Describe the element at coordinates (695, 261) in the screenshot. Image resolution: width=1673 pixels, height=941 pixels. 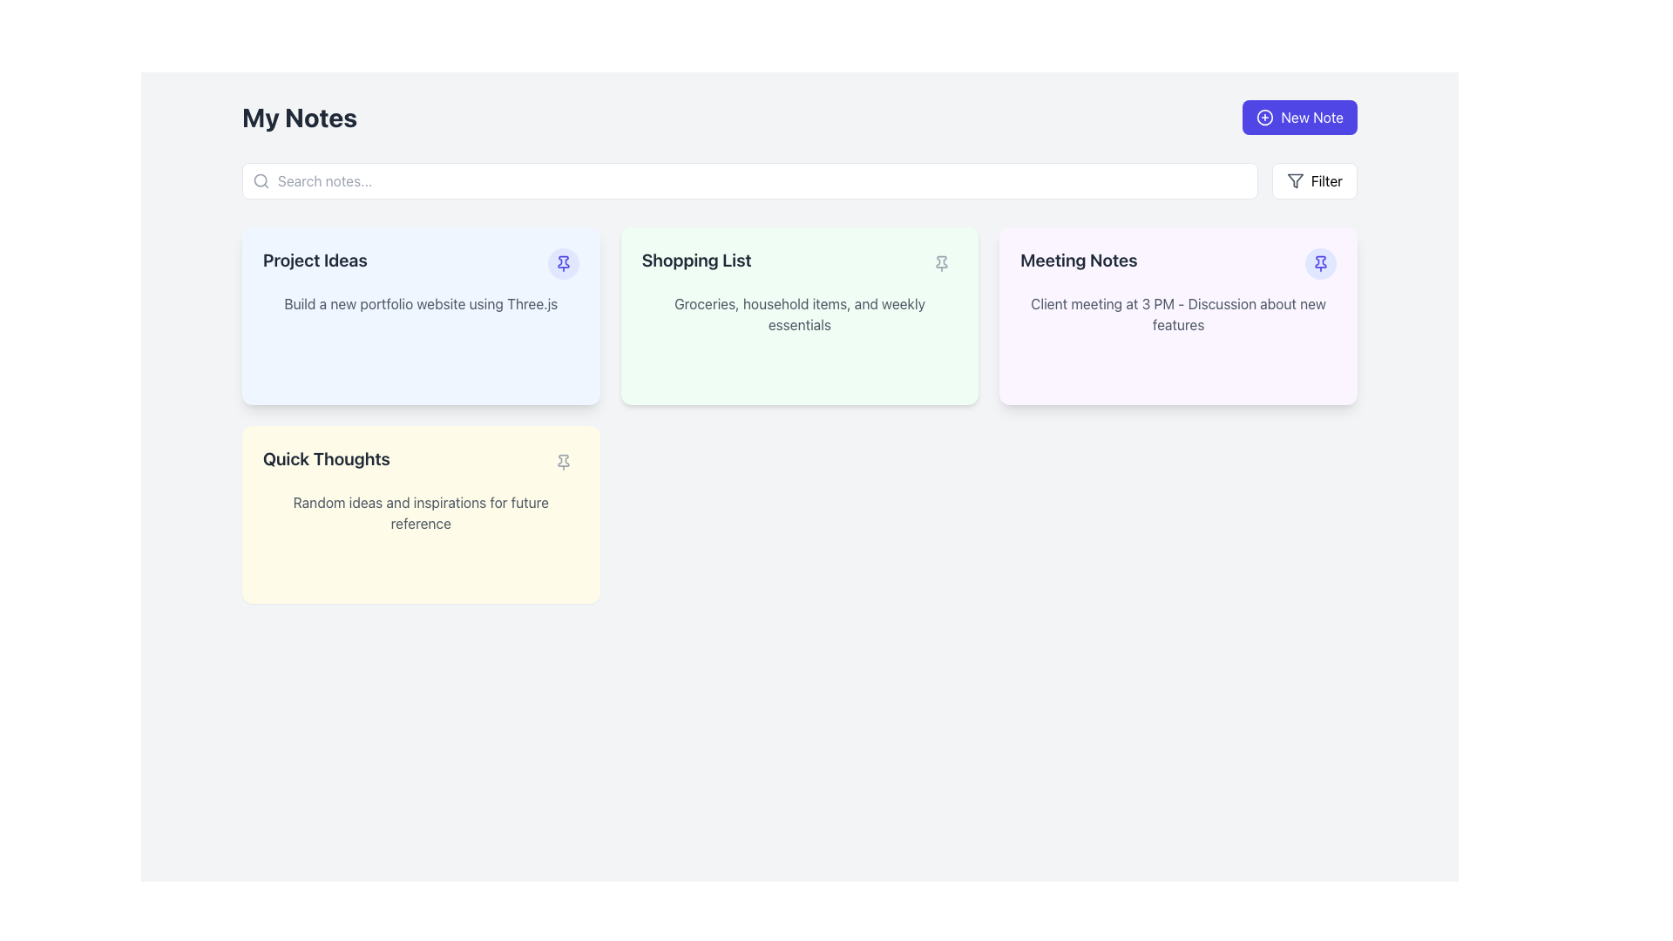
I see `the text label which serves as the header or title for the note card located at the top left of a light green card in the second position of the visible grid of notes` at that location.